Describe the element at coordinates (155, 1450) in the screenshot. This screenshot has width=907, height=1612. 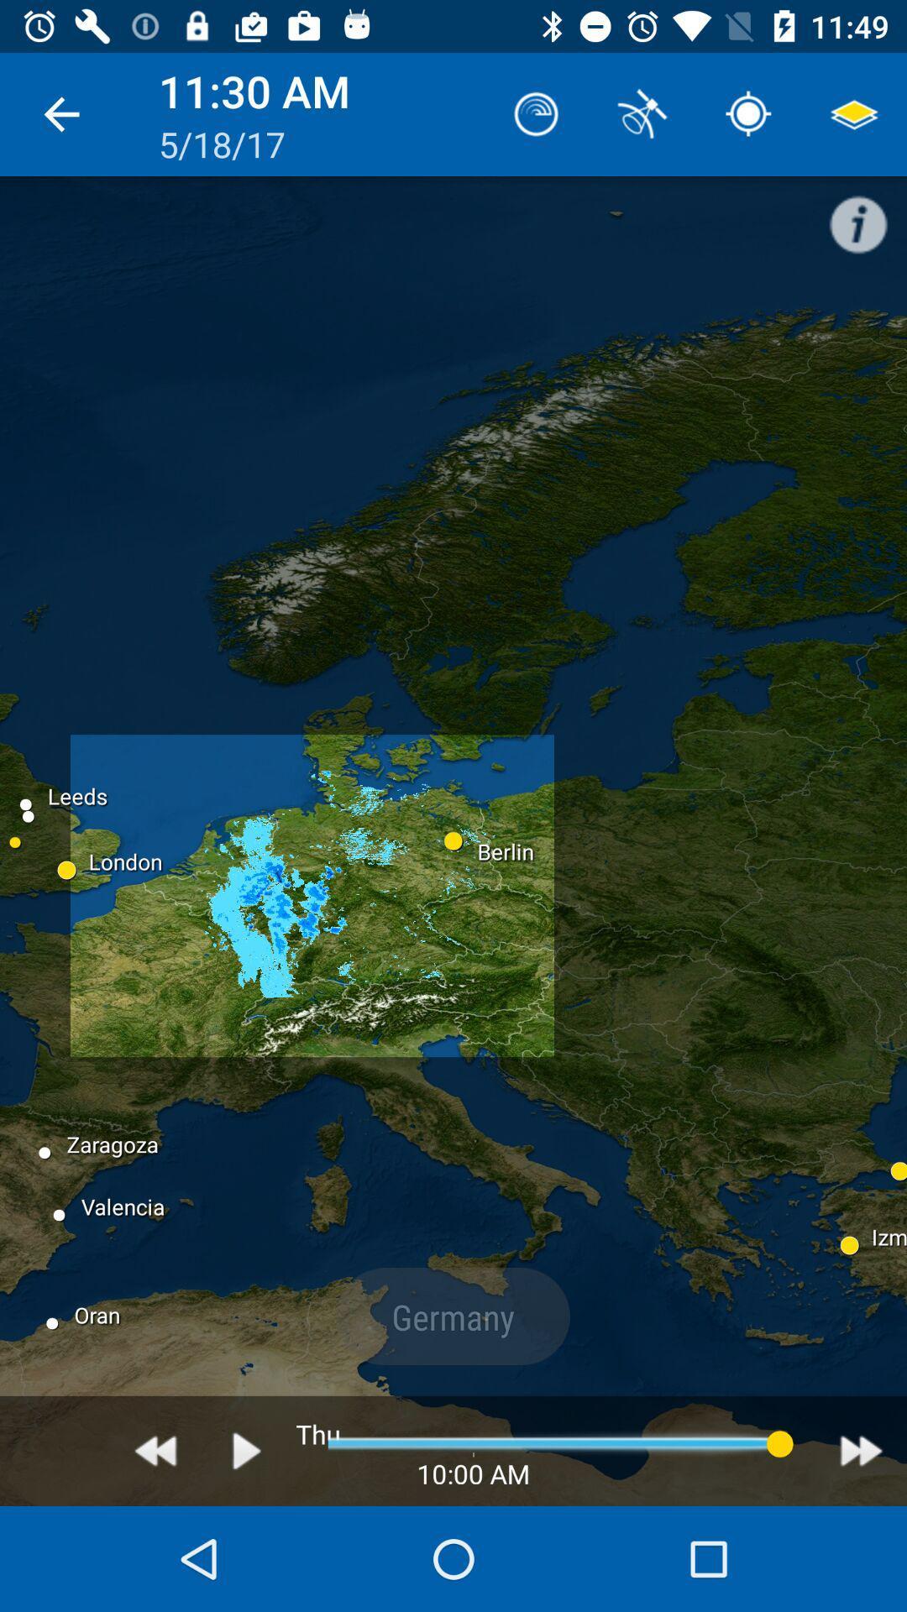
I see `fast rewind` at that location.